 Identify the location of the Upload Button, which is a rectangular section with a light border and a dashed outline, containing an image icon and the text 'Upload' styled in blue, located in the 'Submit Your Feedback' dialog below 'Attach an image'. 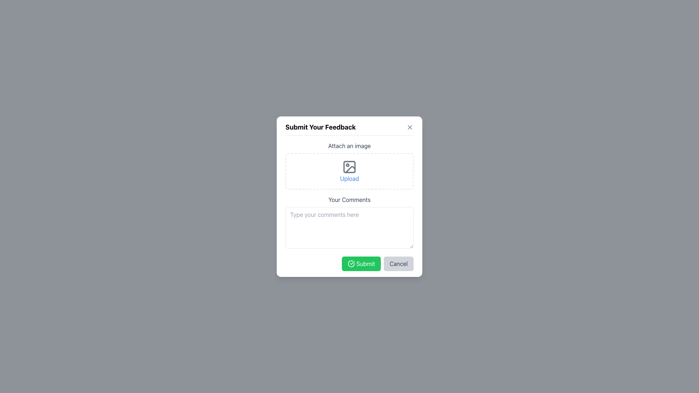
(349, 171).